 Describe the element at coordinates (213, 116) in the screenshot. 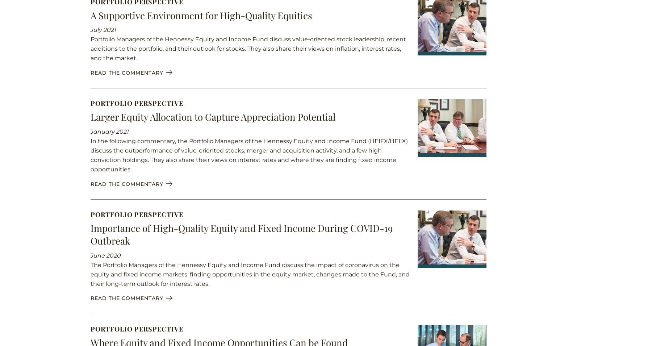

I see `'Larger Equity Allocation to Capture Appreciation Potential'` at that location.